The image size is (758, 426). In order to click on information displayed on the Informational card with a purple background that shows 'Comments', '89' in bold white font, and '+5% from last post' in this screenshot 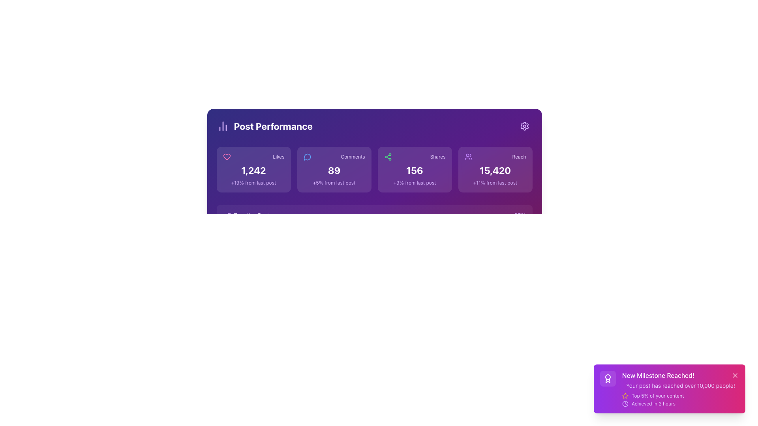, I will do `click(334, 169)`.